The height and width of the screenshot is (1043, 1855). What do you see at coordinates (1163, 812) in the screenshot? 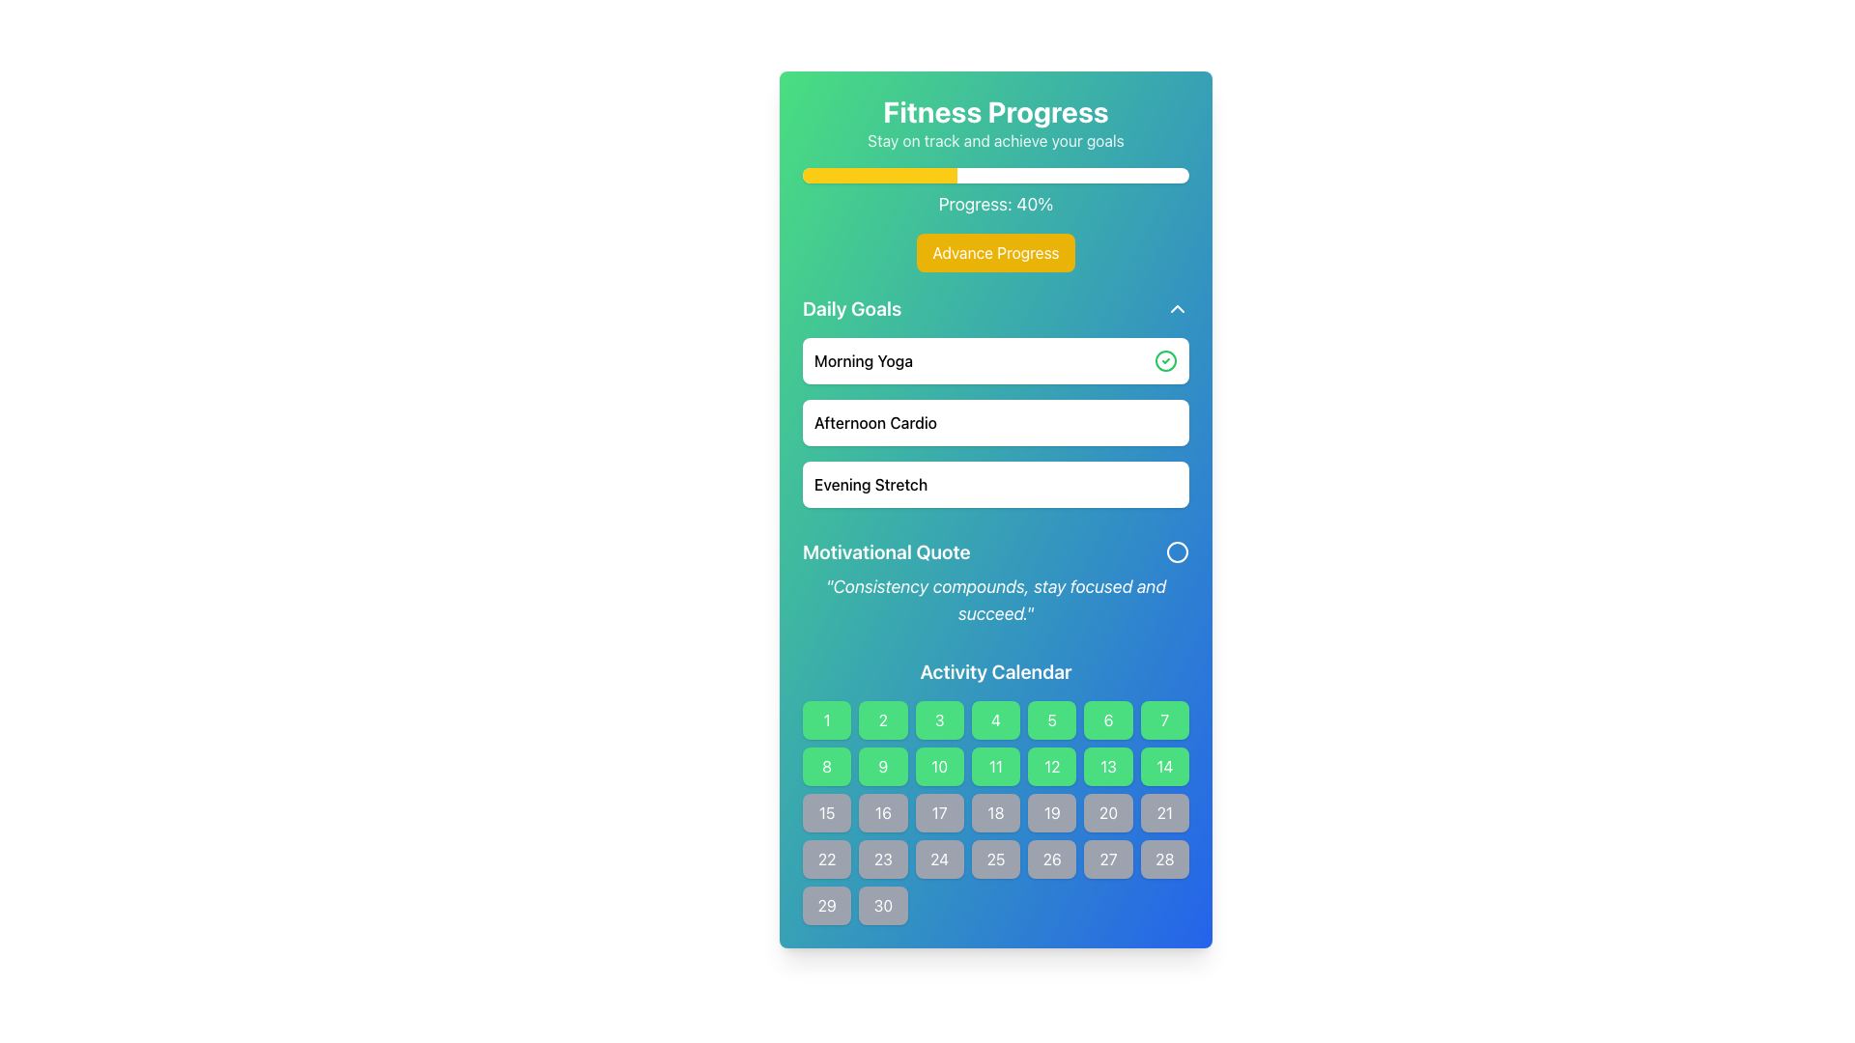
I see `the date label for the 21st in the Activity Calendar grid` at bounding box center [1163, 812].